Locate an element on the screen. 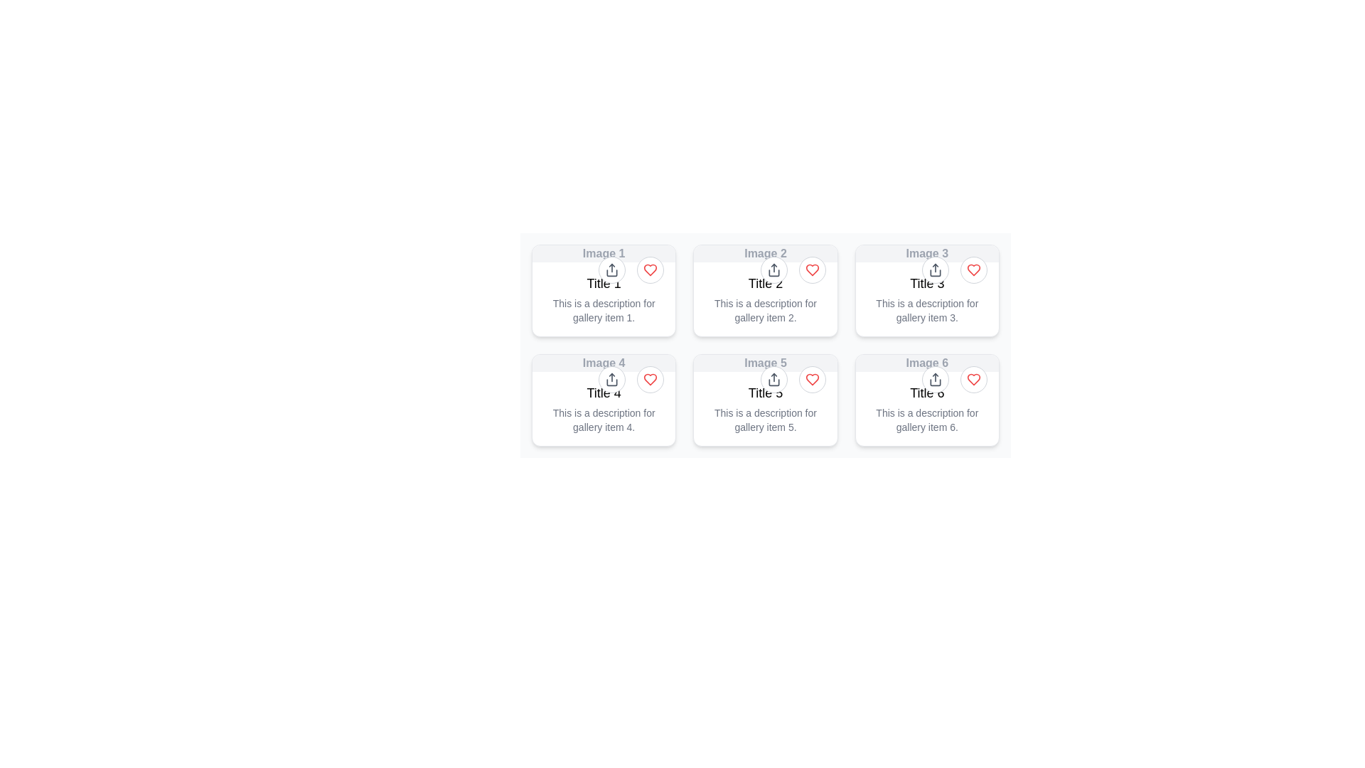  the text block displaying 'Title 6' and its description 'This is a description for gallery item 6.' located on the sixth tile in the grid layout is located at coordinates (927, 408).